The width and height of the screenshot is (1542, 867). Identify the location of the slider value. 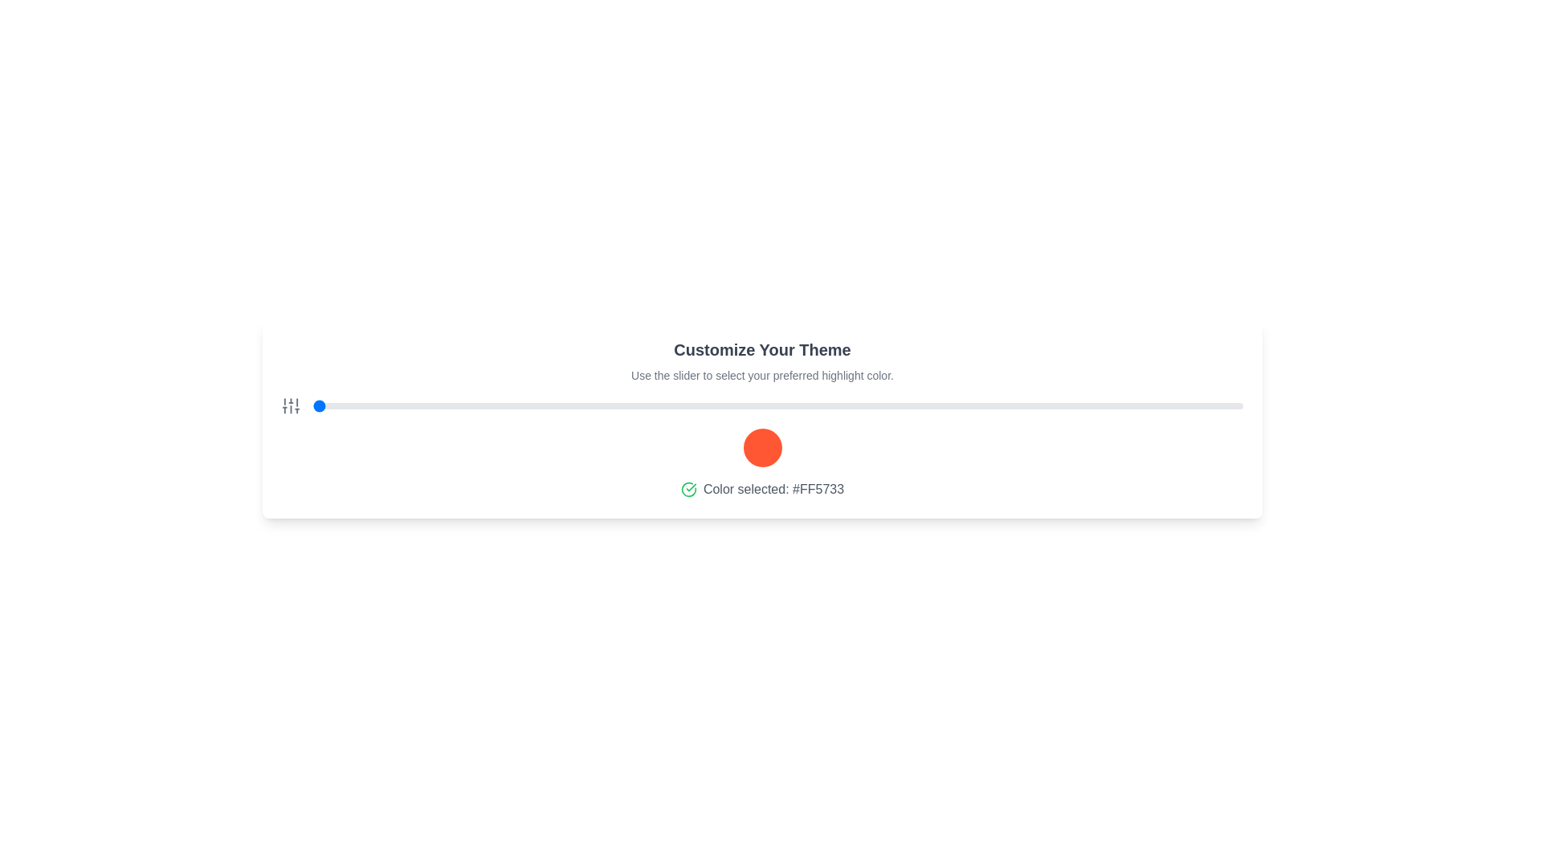
(910, 405).